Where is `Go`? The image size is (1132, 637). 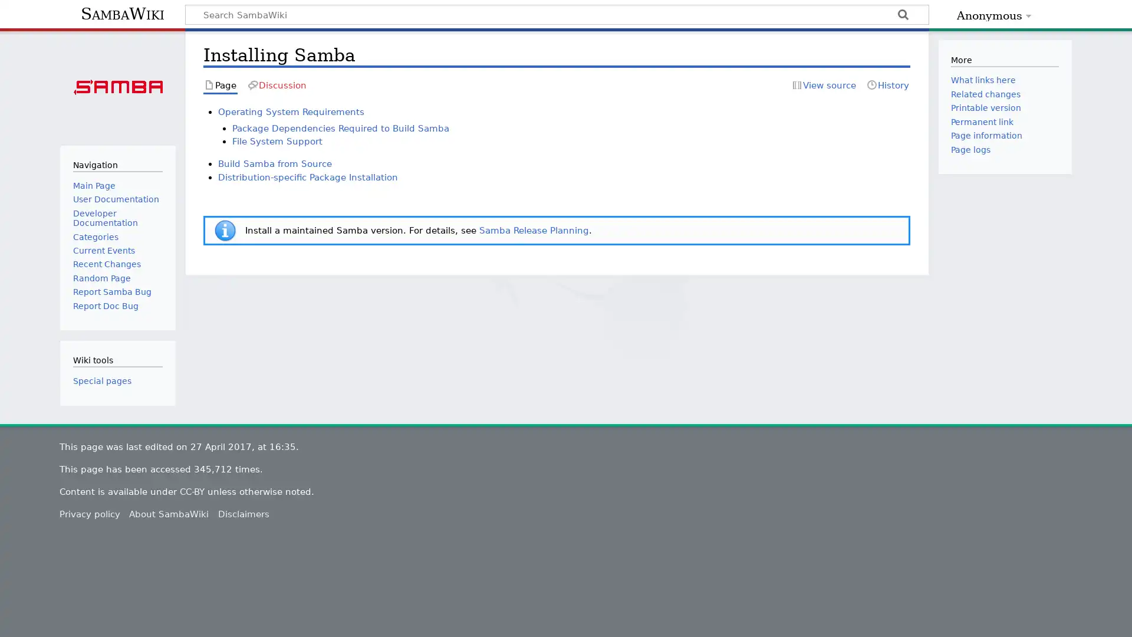
Go is located at coordinates (902, 16).